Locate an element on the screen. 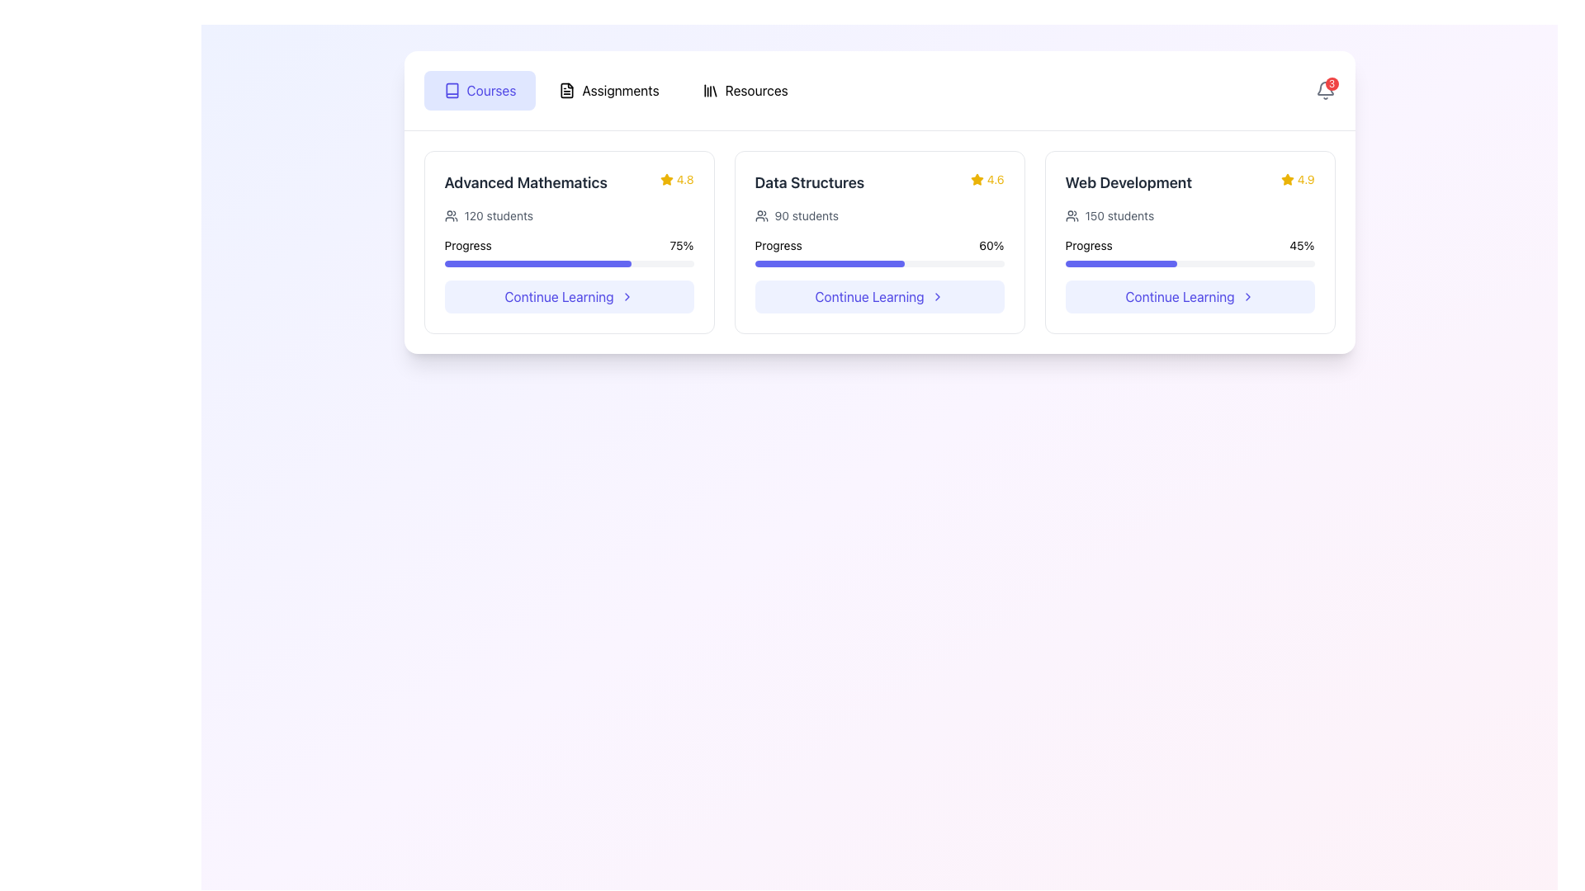  the 'Continue Learning' button with a light indigo background and rounded corners located at the bottom of the 'Advanced Mathematics' card to proceed is located at coordinates (569, 295).